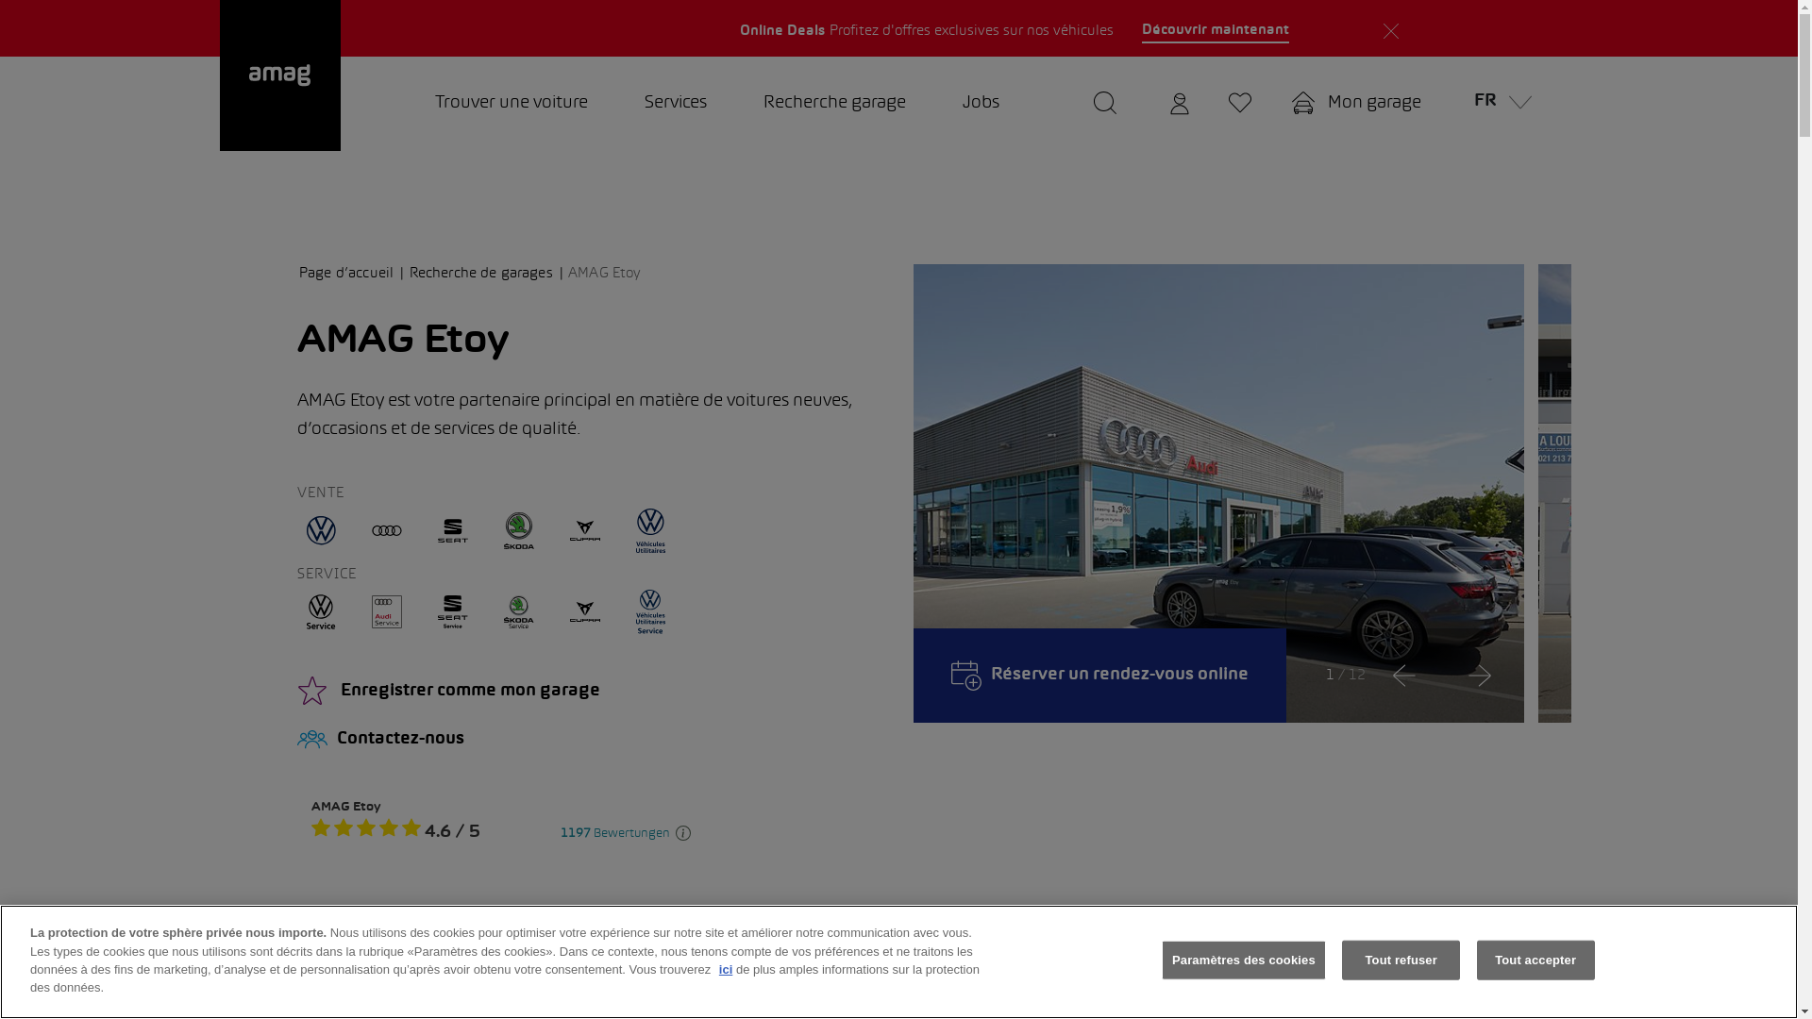  I want to click on 'Recherche garage', so click(832, 104).